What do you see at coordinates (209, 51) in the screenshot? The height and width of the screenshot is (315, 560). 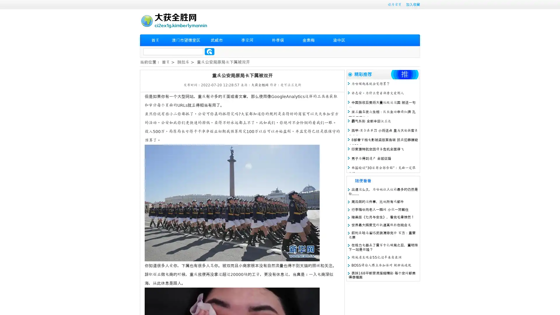 I see `Search` at bounding box center [209, 51].